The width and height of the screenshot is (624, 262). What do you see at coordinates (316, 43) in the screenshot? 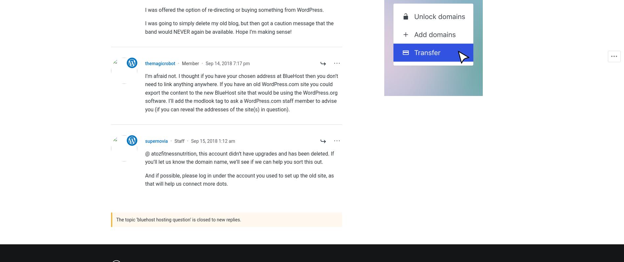
I see `'Search powered by Jetpack'` at bounding box center [316, 43].